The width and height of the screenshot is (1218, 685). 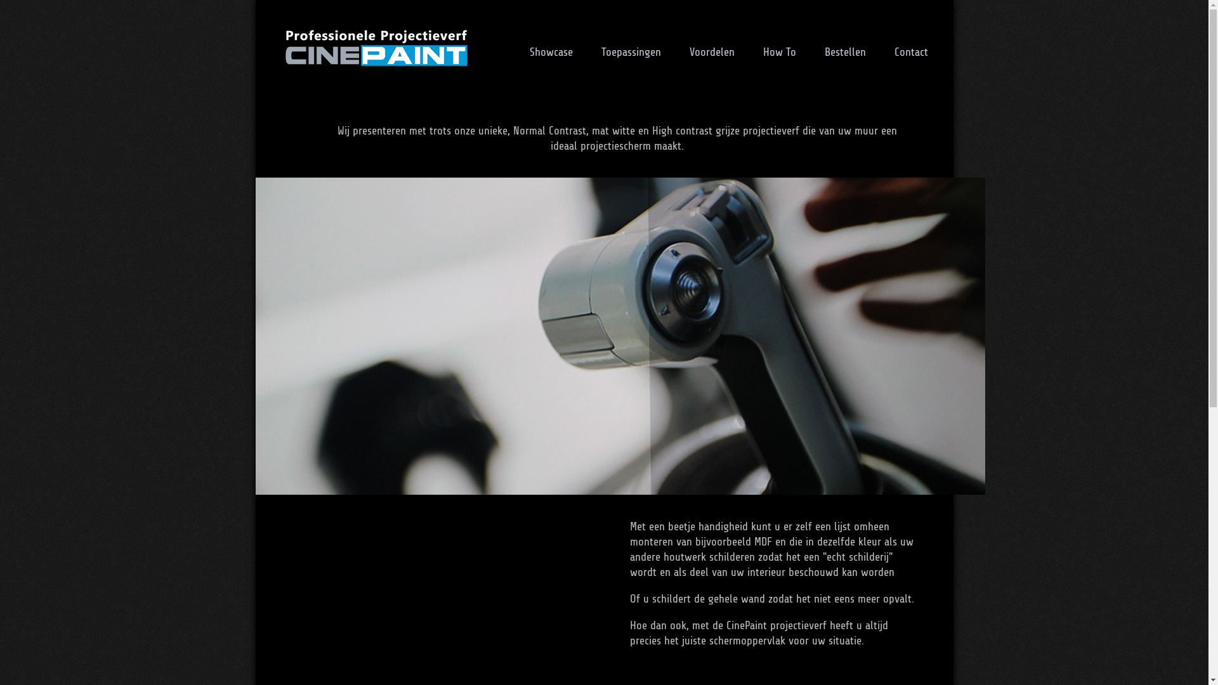 What do you see at coordinates (631, 51) in the screenshot?
I see `'Toepassingen'` at bounding box center [631, 51].